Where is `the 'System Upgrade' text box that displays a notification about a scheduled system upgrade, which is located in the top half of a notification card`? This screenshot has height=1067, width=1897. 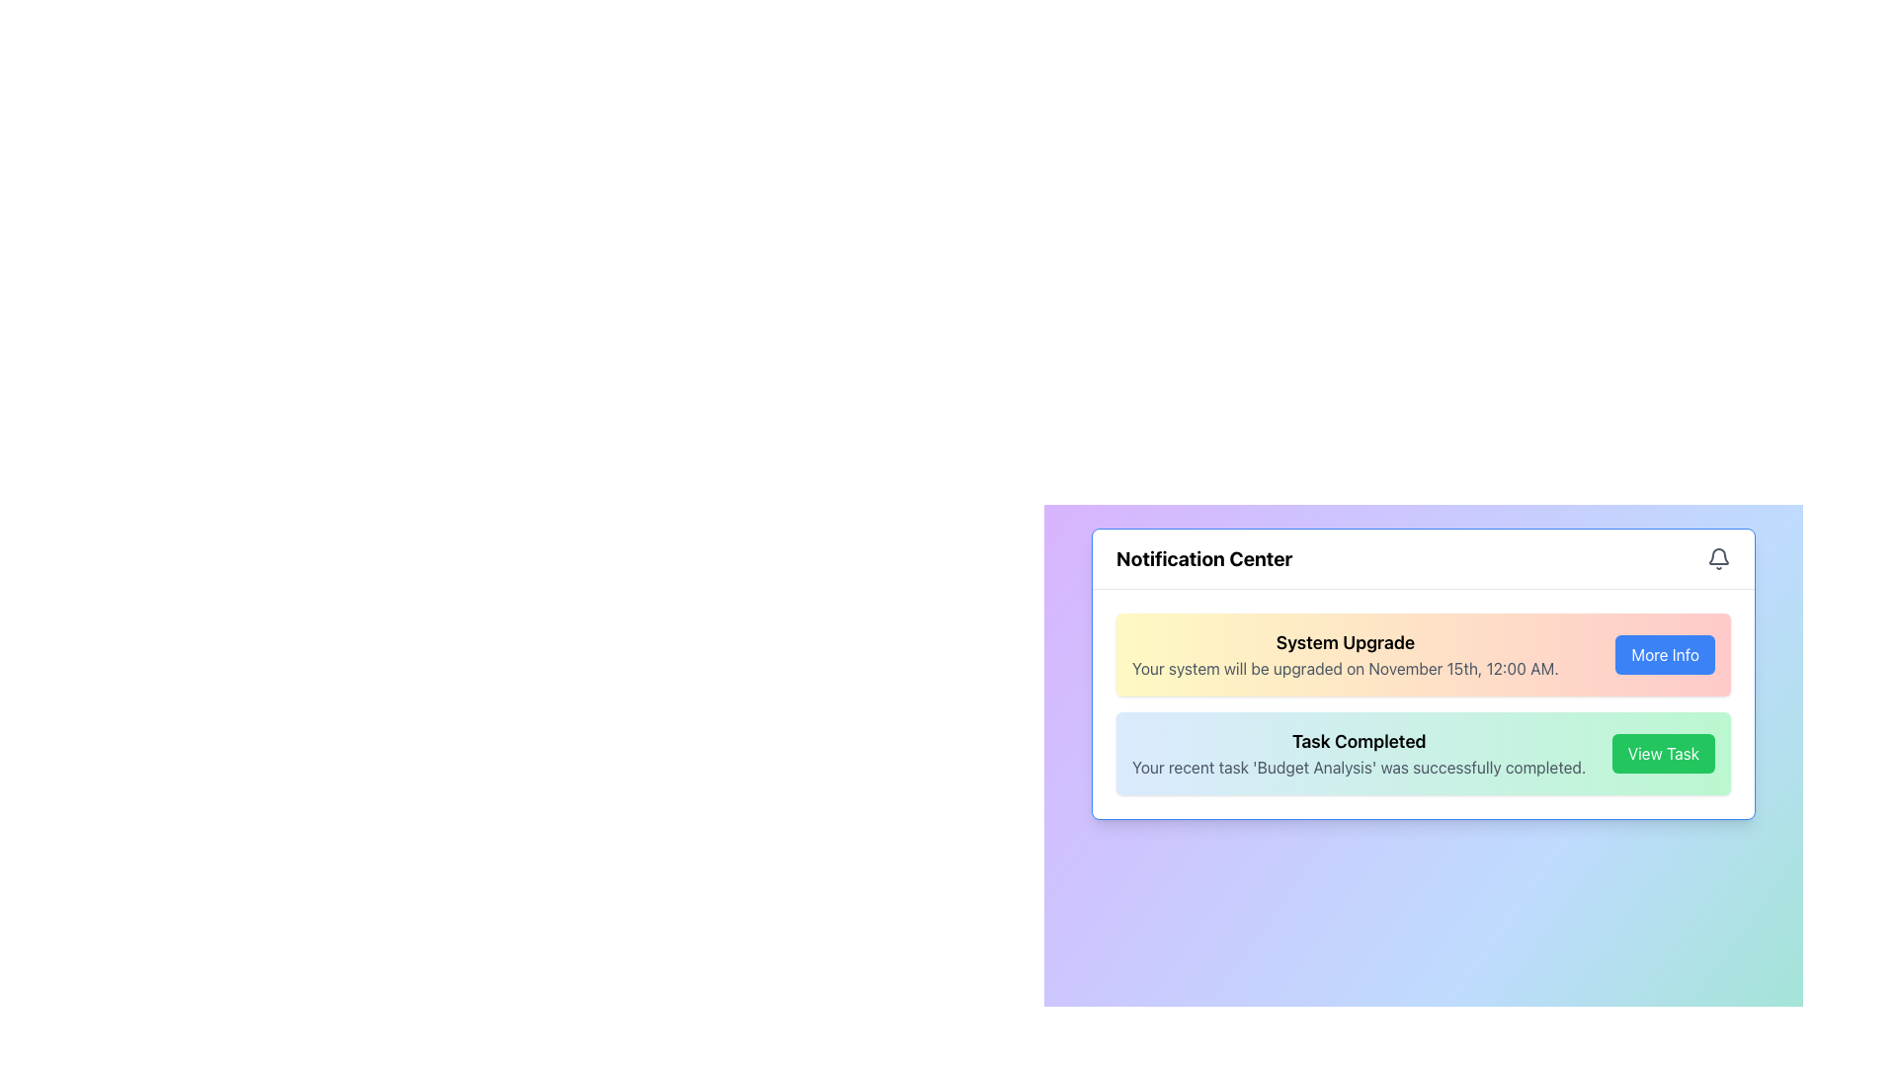
the 'System Upgrade' text box that displays a notification about a scheduled system upgrade, which is located in the top half of a notification card is located at coordinates (1344, 655).